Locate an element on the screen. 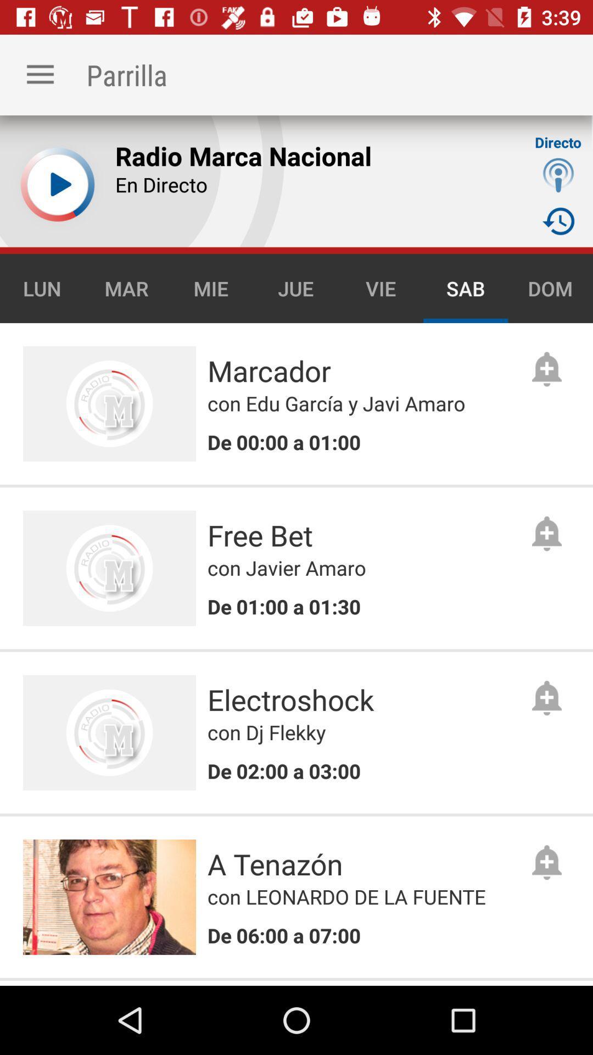  the location icon is located at coordinates (558, 174).